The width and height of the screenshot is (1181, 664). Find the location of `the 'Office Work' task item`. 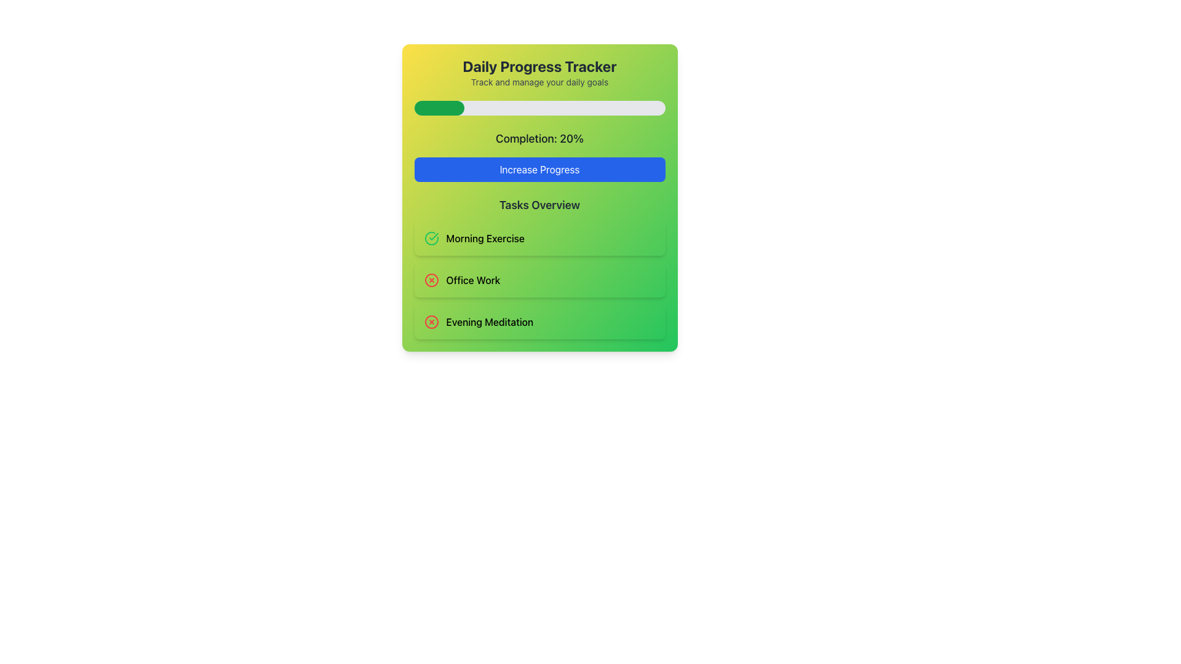

the 'Office Work' task item is located at coordinates (539, 280).